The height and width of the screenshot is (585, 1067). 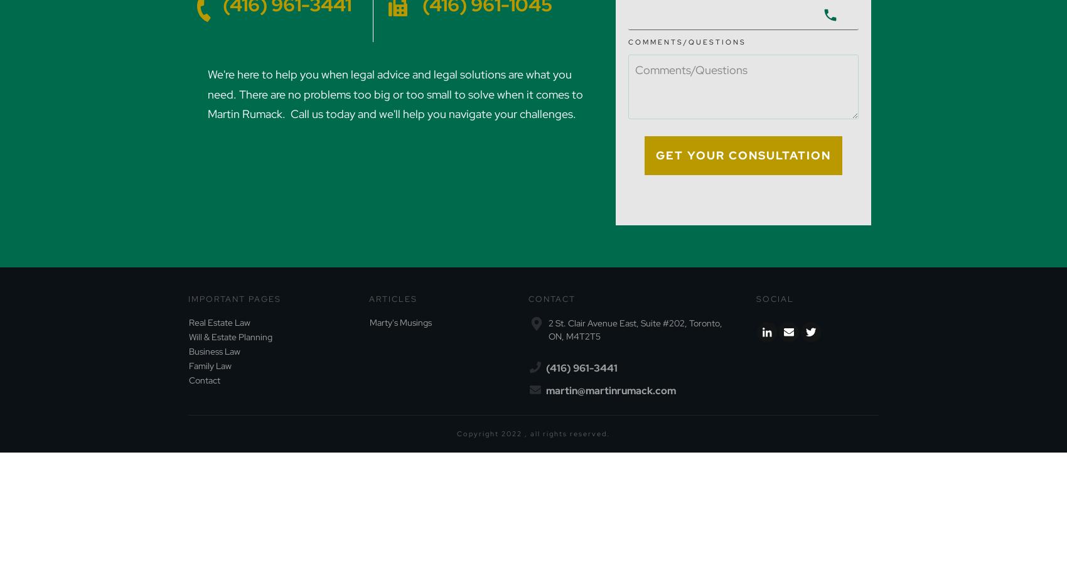 What do you see at coordinates (219, 321) in the screenshot?
I see `'Real Estate Law'` at bounding box center [219, 321].